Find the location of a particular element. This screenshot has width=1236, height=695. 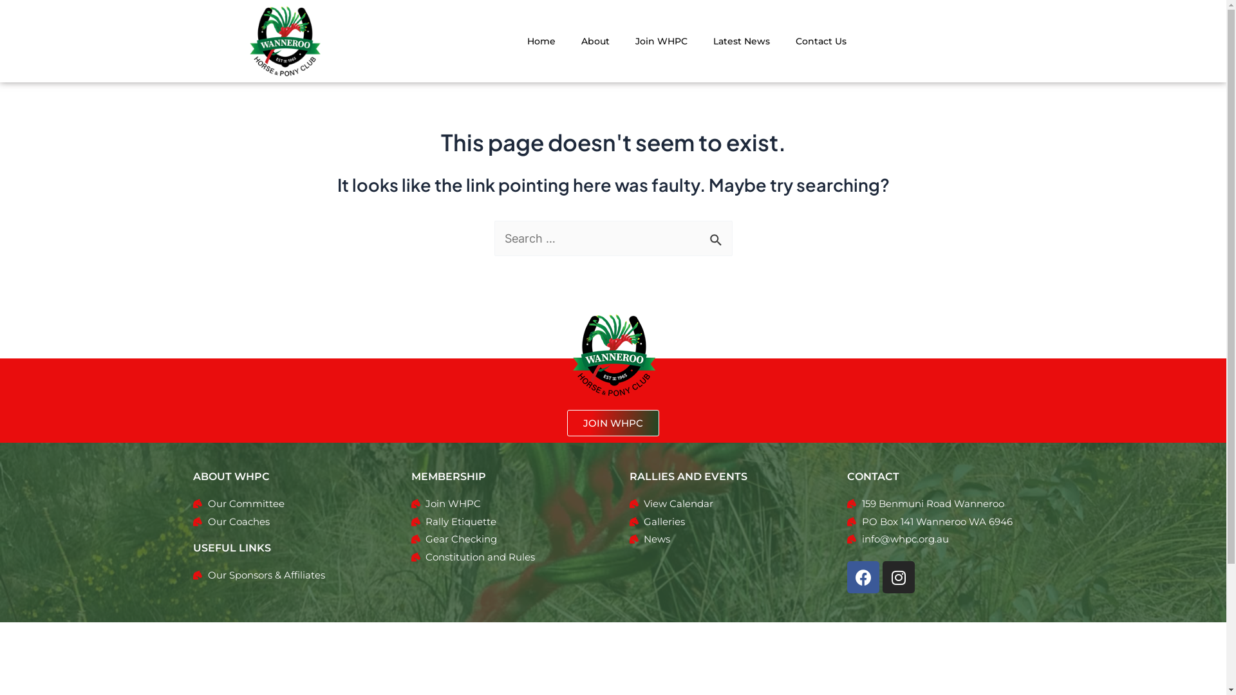

'About' is located at coordinates (595, 41).